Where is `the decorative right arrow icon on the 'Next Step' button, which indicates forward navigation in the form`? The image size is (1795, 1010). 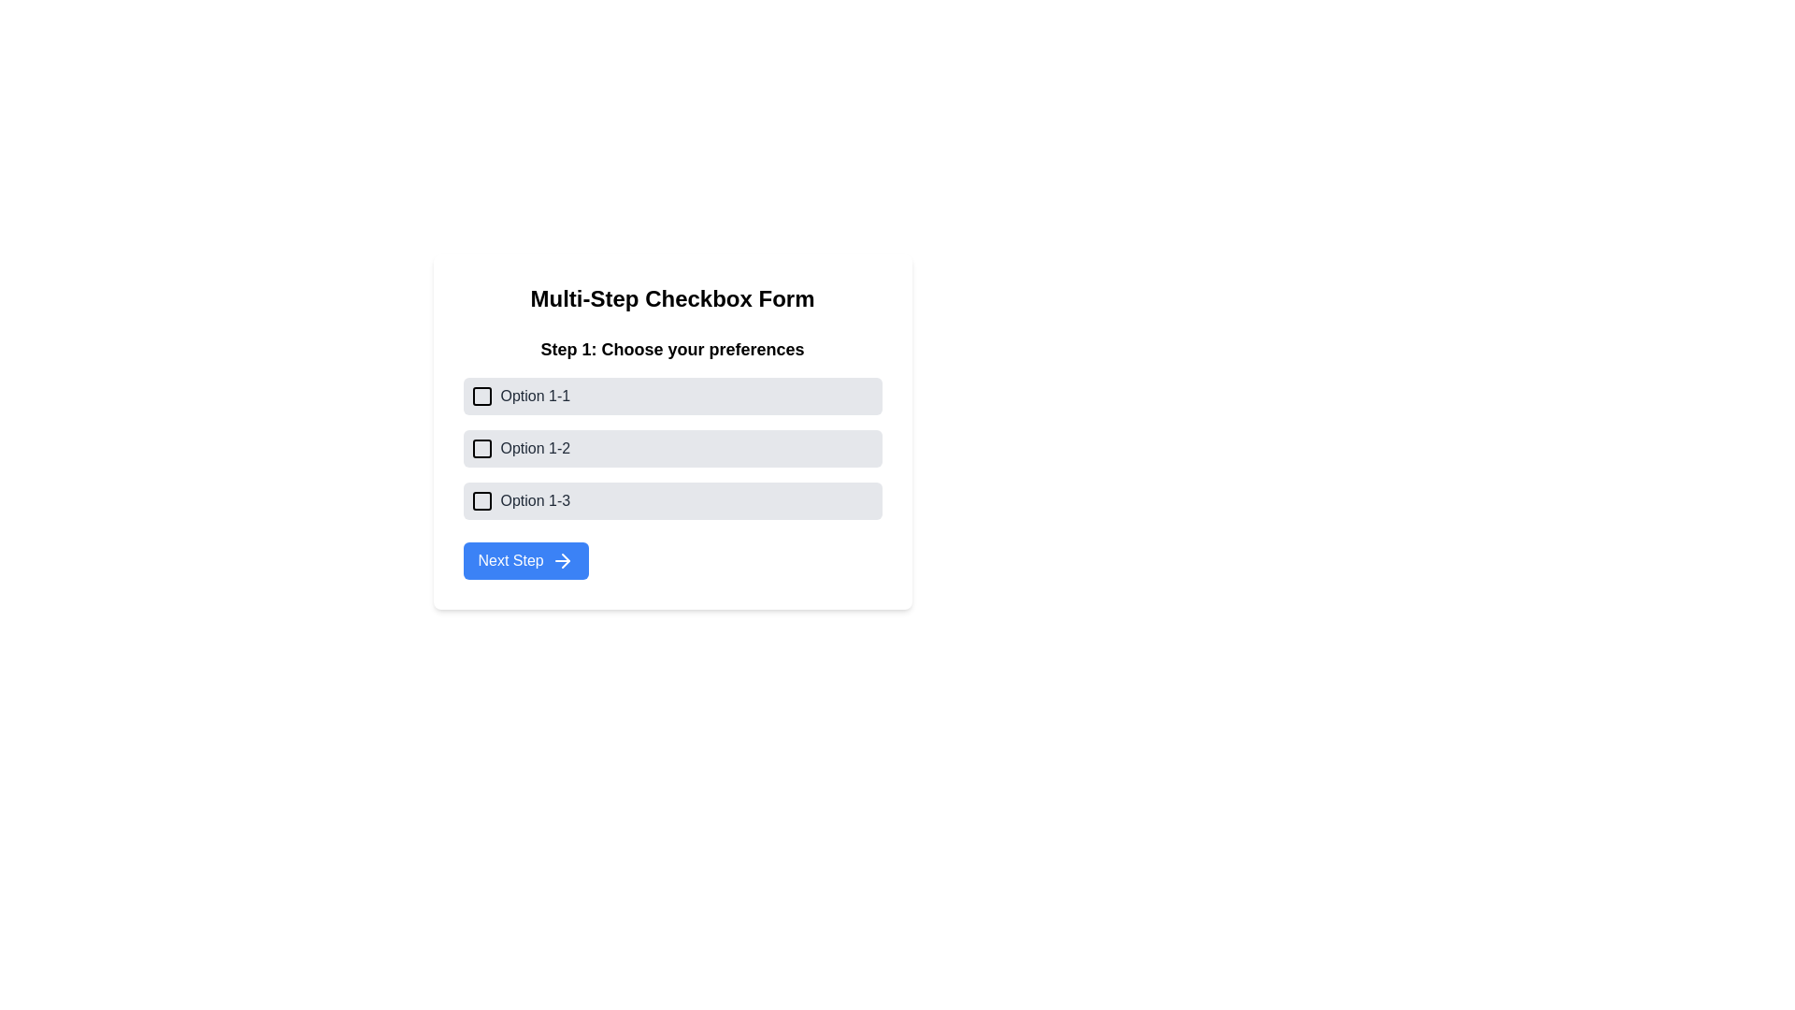 the decorative right arrow icon on the 'Next Step' button, which indicates forward navigation in the form is located at coordinates (565, 560).